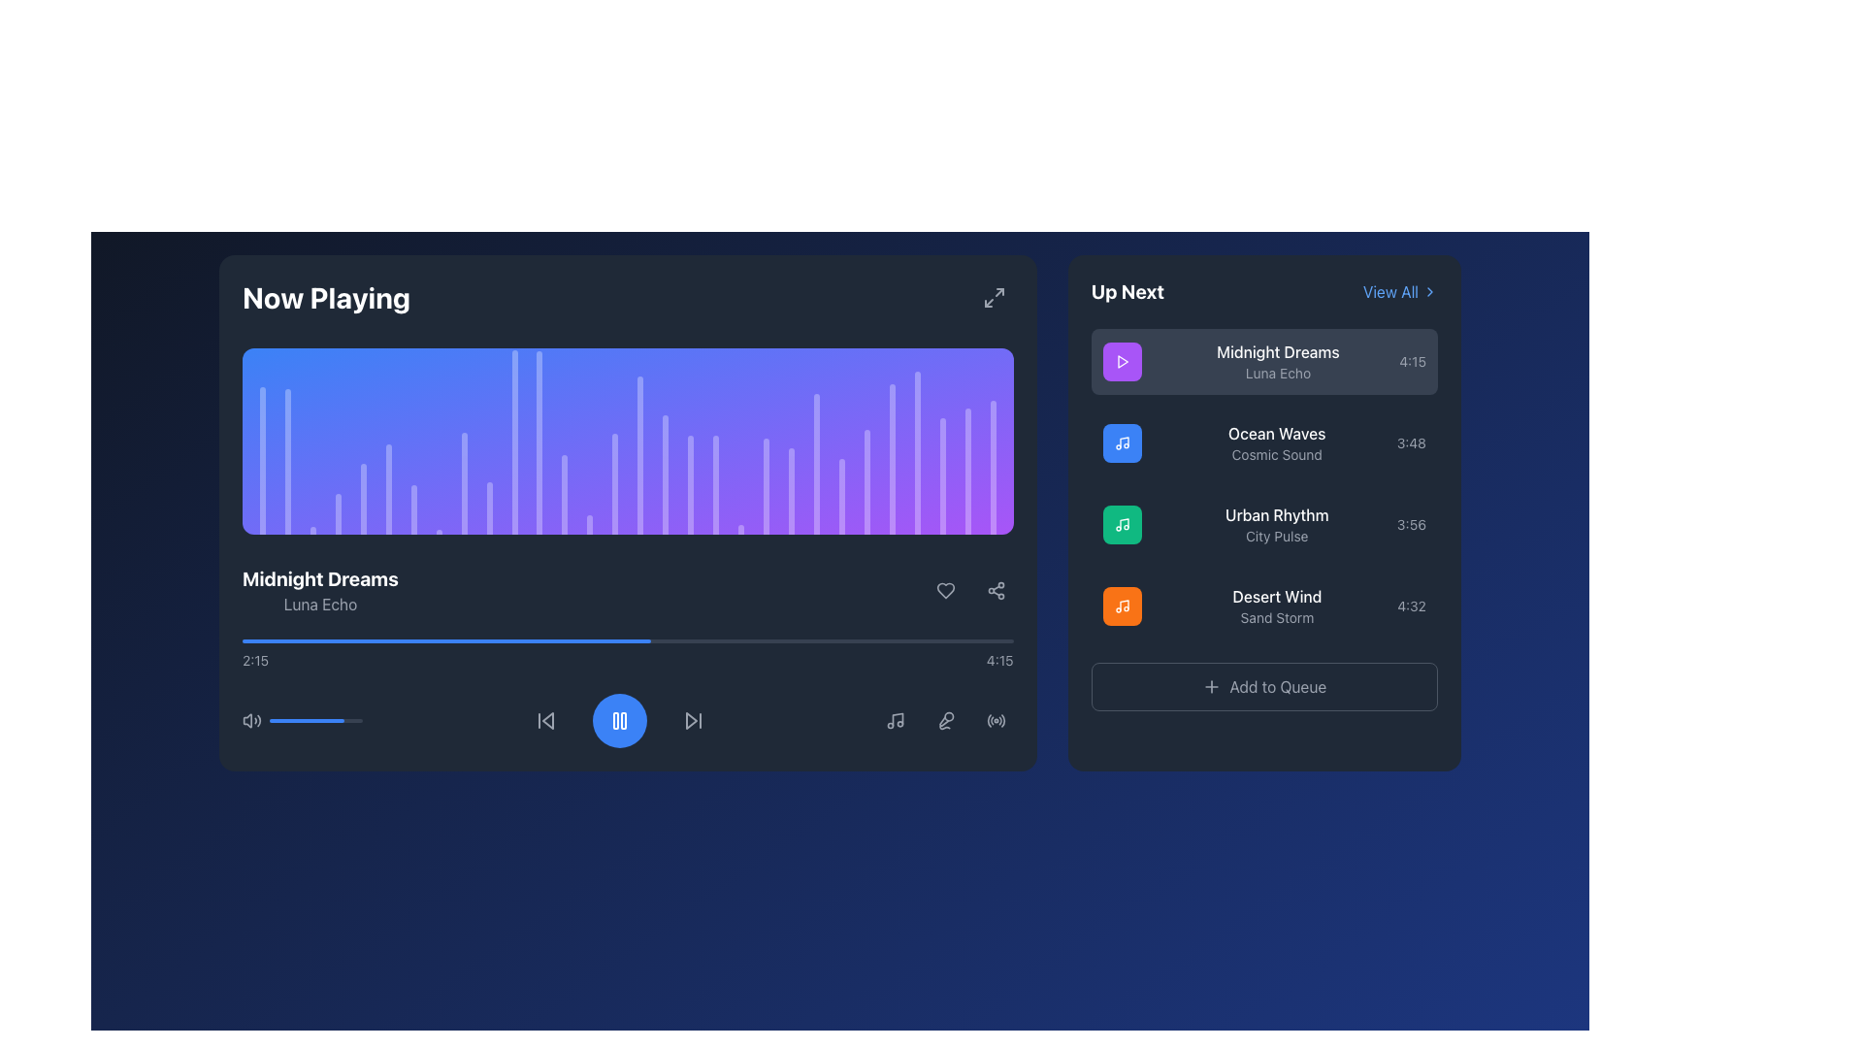 This screenshot has height=1048, width=1863. What do you see at coordinates (967, 472) in the screenshot?
I see `the 29th vertical bar in the display component representing sound intensity within the audio waveform` at bounding box center [967, 472].